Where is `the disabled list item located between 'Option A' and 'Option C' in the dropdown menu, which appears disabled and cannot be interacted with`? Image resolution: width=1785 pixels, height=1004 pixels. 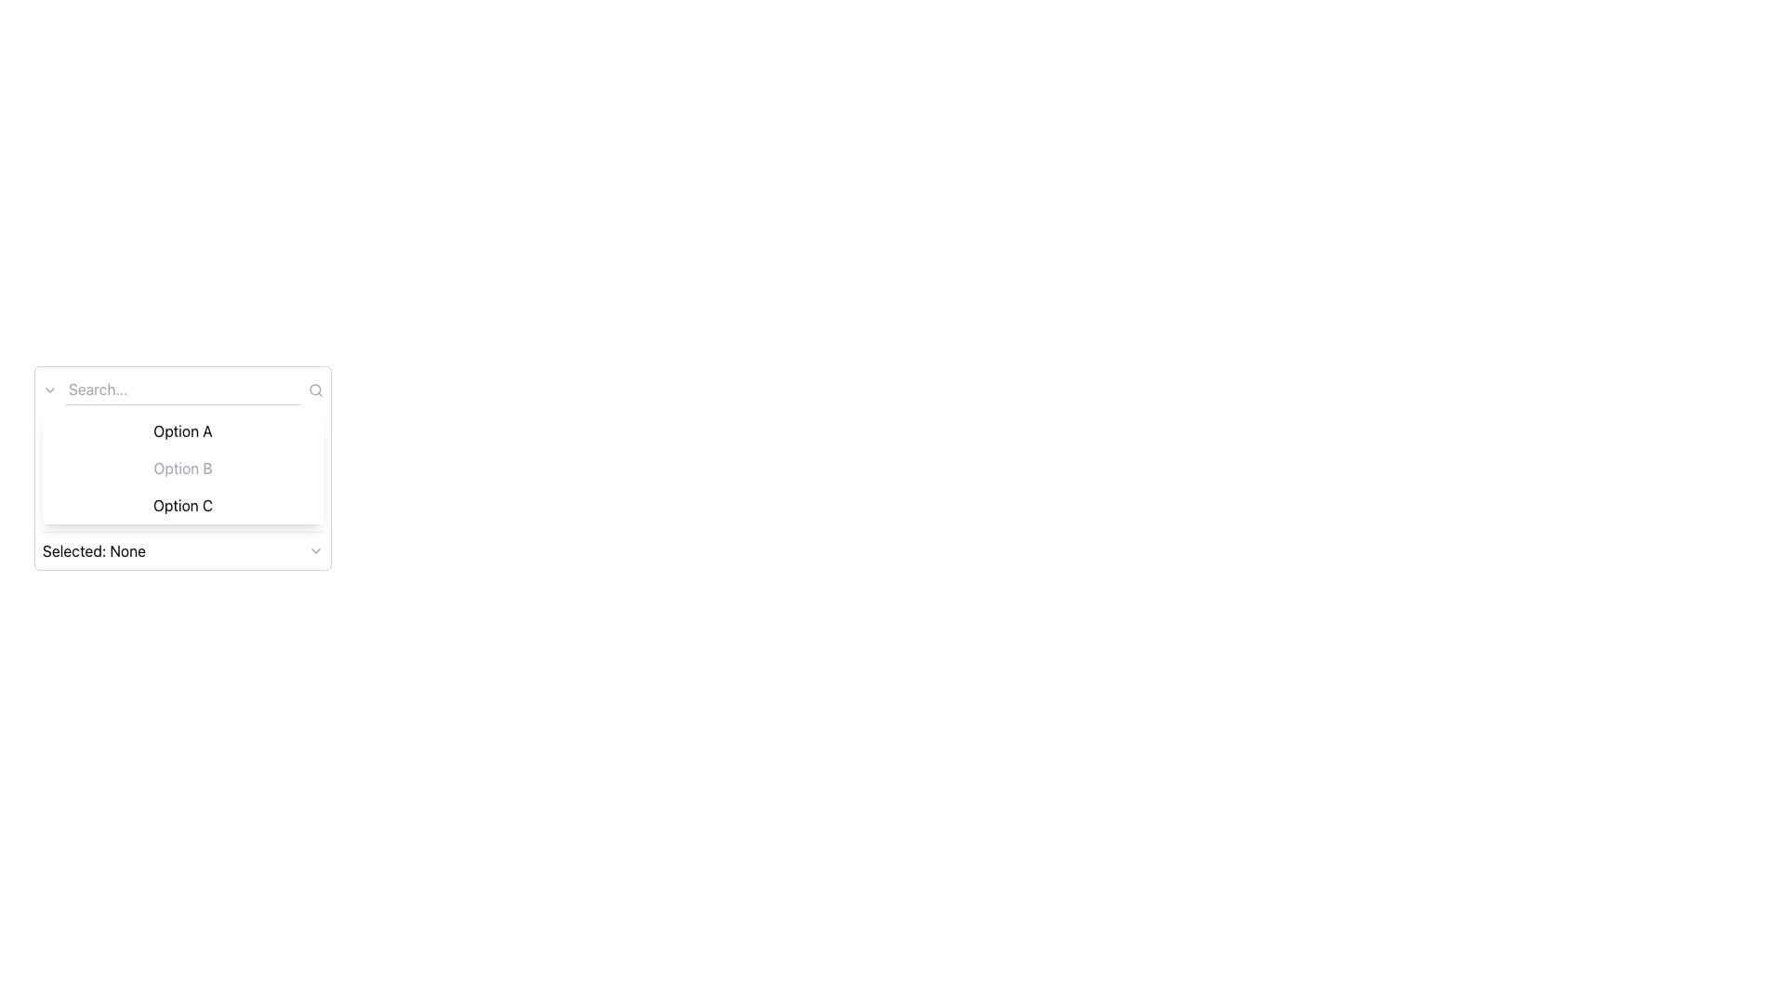 the disabled list item located between 'Option A' and 'Option C' in the dropdown menu, which appears disabled and cannot be interacted with is located at coordinates (182, 468).